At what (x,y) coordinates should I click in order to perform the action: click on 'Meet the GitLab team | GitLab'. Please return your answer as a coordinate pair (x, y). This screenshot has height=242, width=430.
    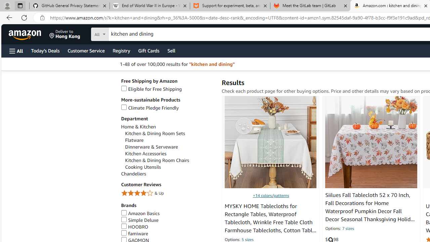
    Looking at the image, I should click on (310, 6).